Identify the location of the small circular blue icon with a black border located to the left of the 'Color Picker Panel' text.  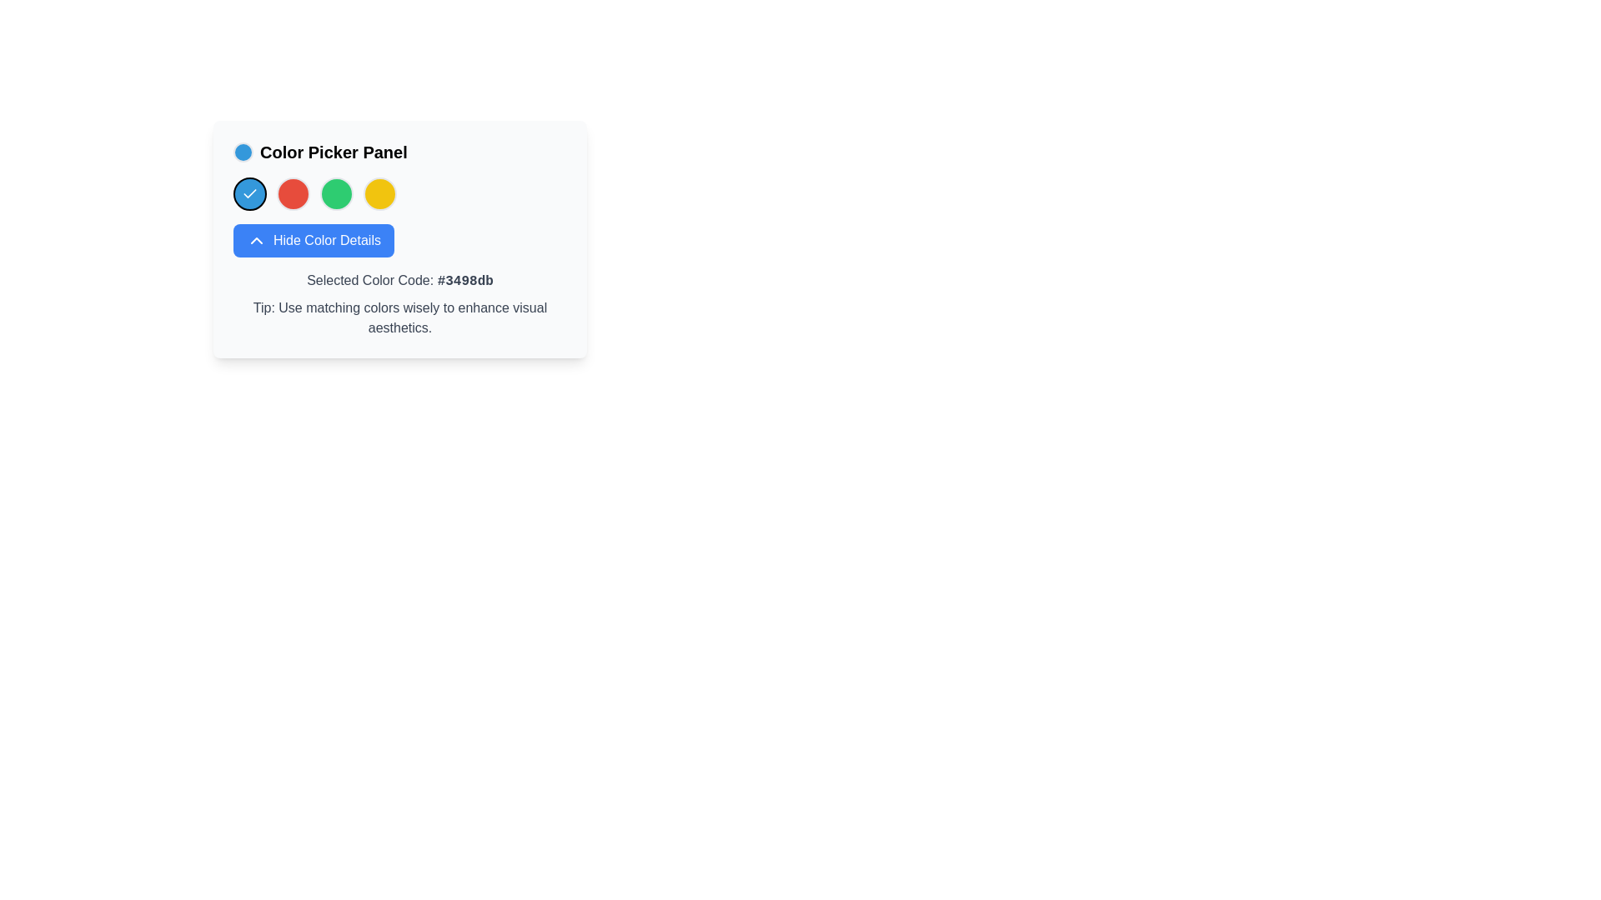
(243, 152).